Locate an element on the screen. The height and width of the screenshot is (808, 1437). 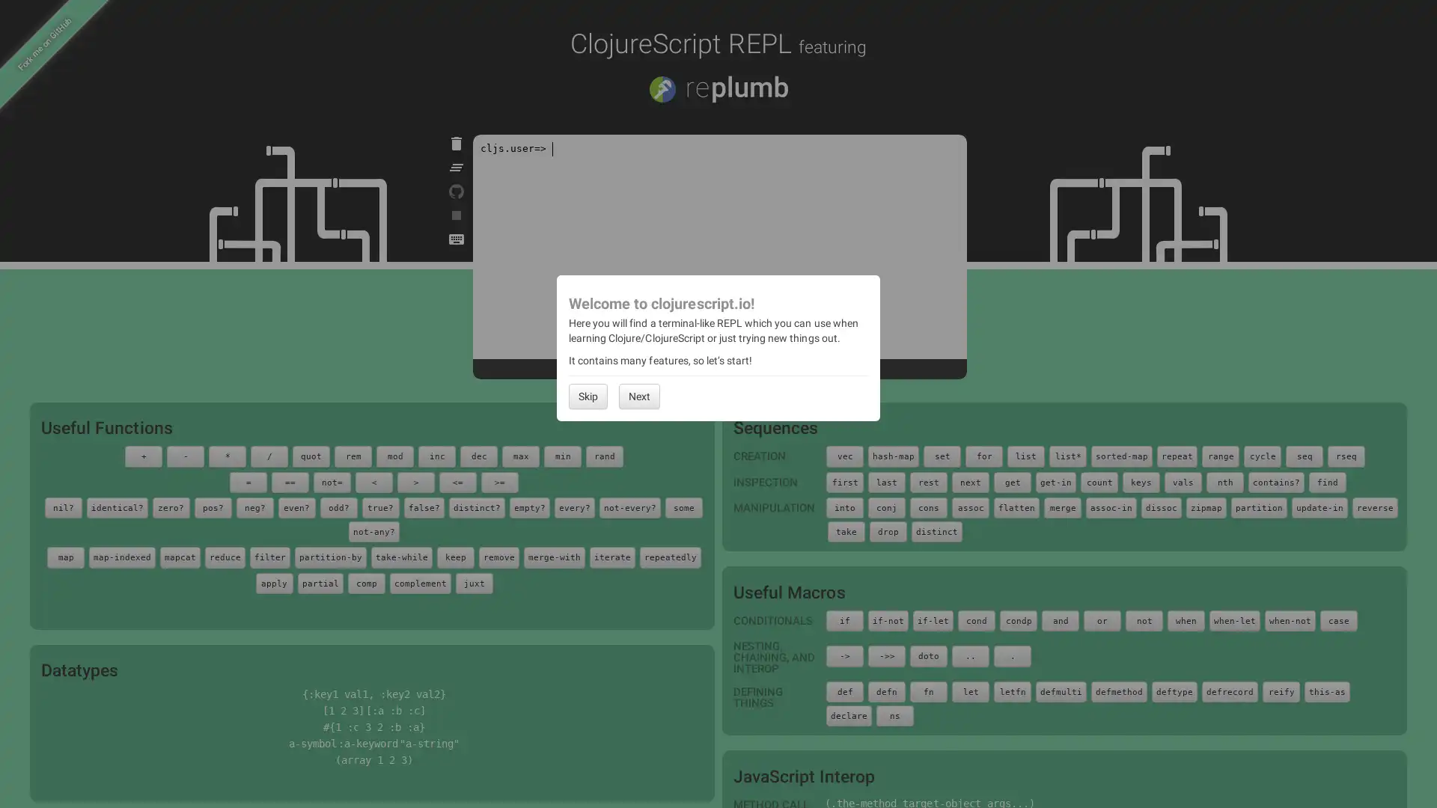
cycle is located at coordinates (1261, 455).